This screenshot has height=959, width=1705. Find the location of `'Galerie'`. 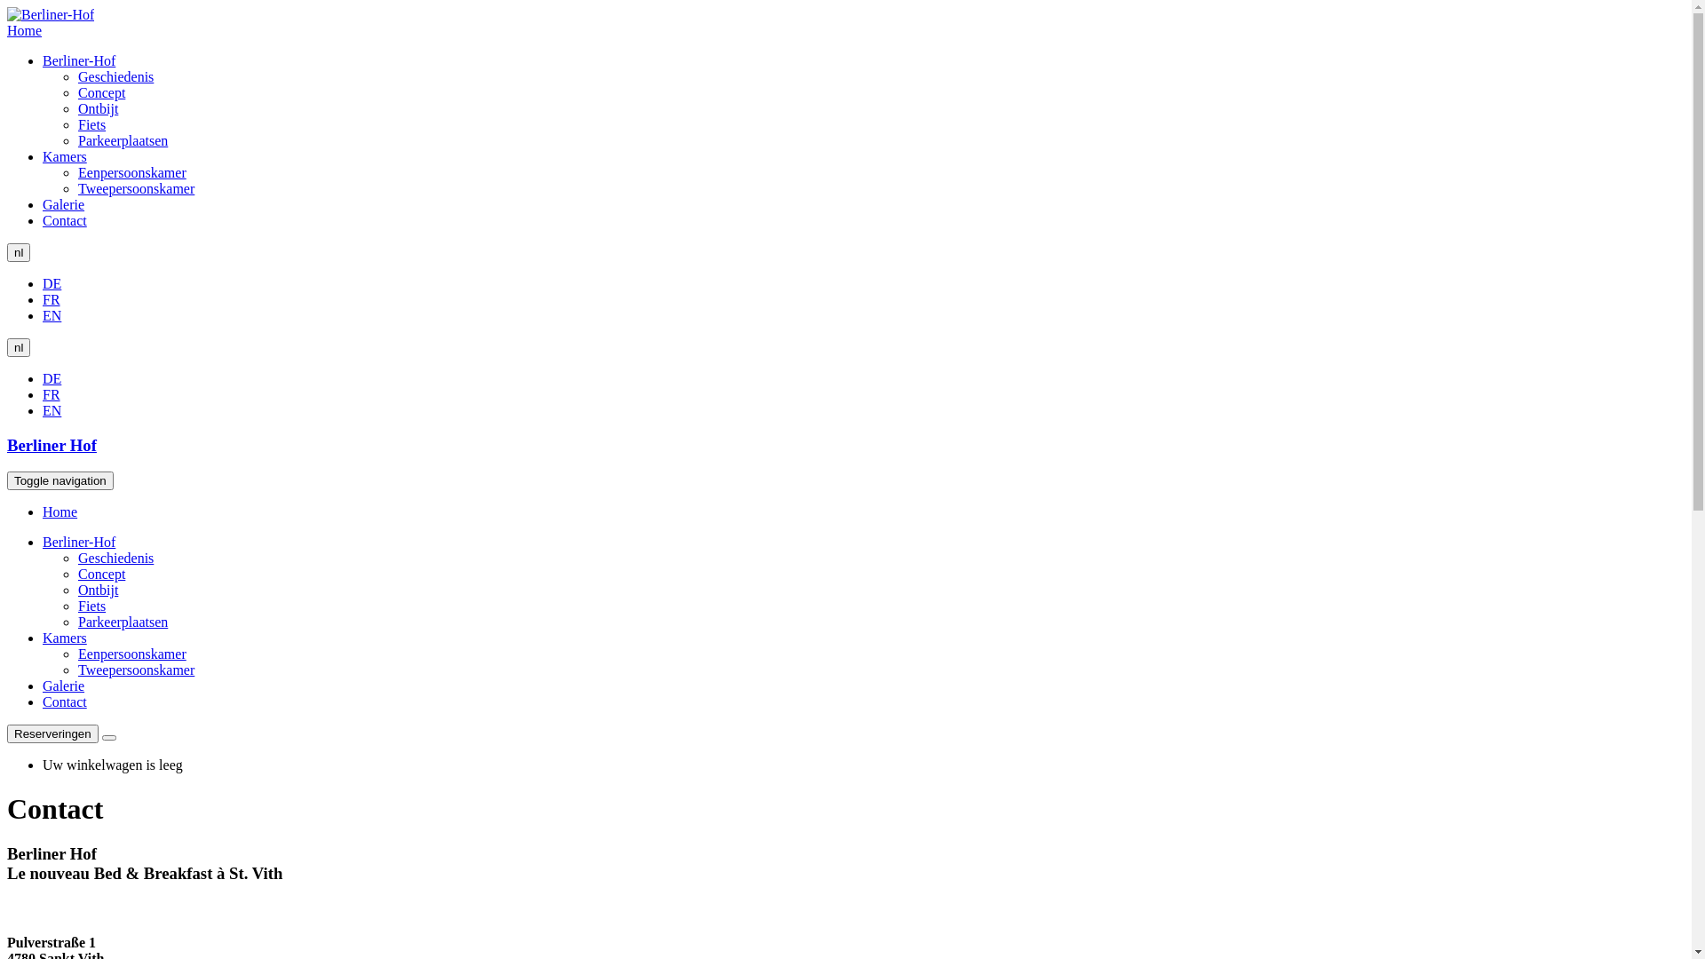

'Galerie' is located at coordinates (63, 203).